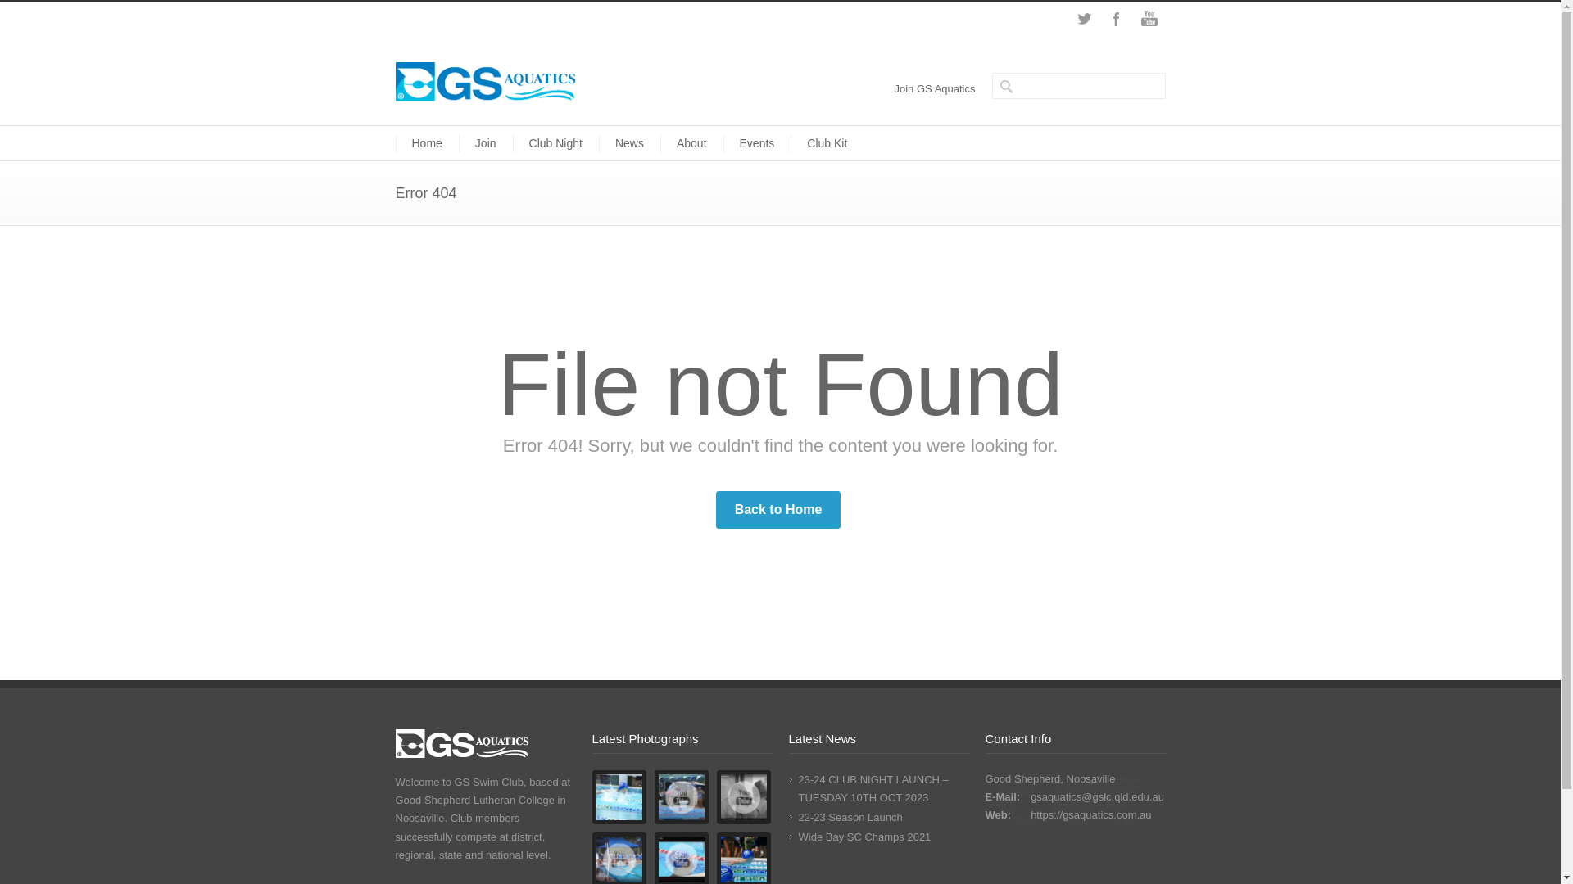 This screenshot has width=1573, height=884. I want to click on 'Events', so click(756, 142).